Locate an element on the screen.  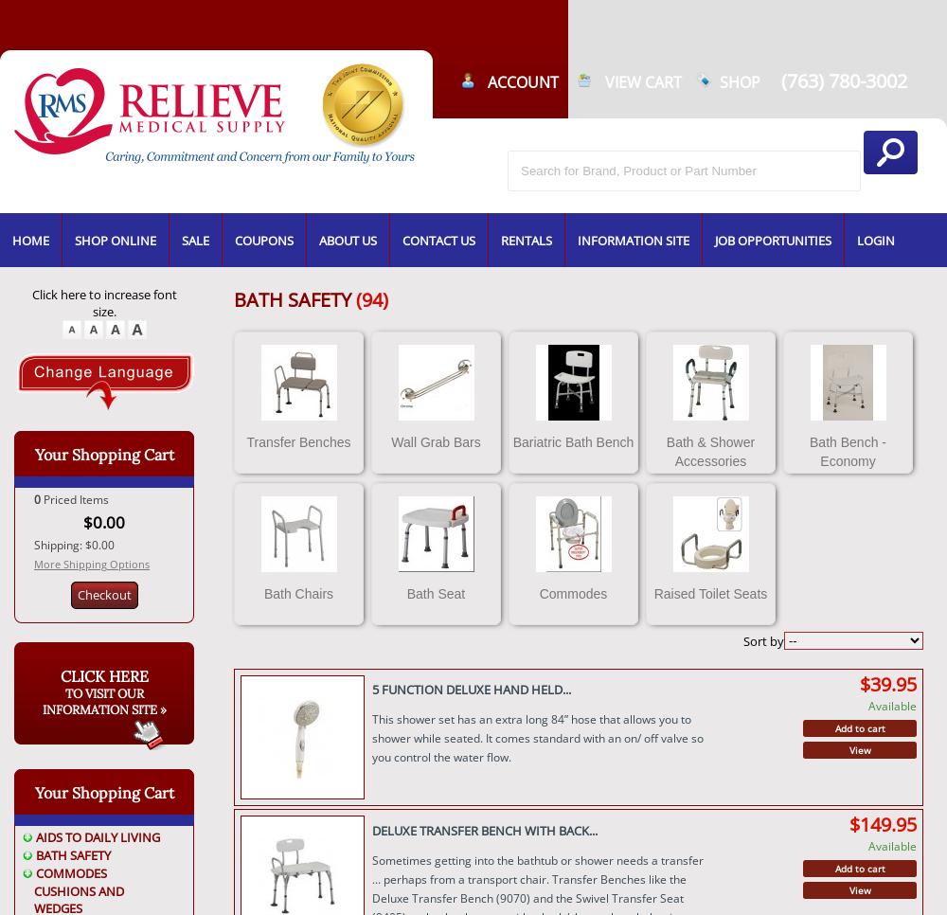
'$0.00' is located at coordinates (103, 522).